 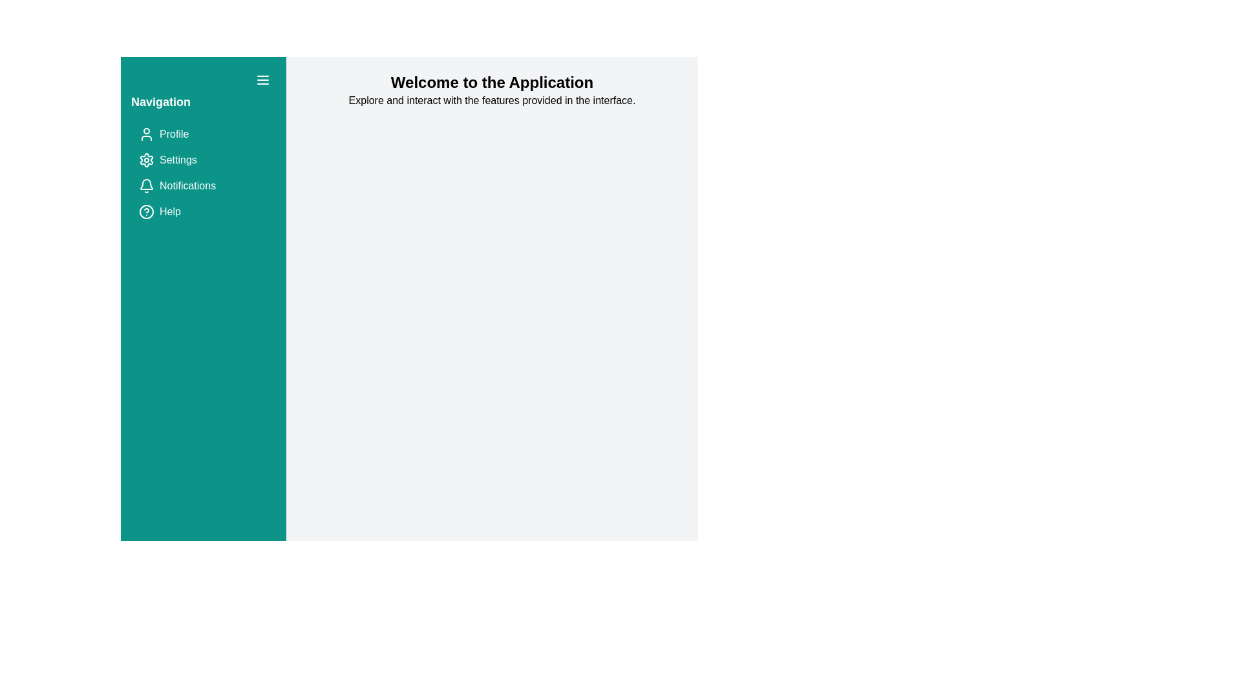 I want to click on the navigation item Help to navigate to the respective section, so click(x=203, y=211).